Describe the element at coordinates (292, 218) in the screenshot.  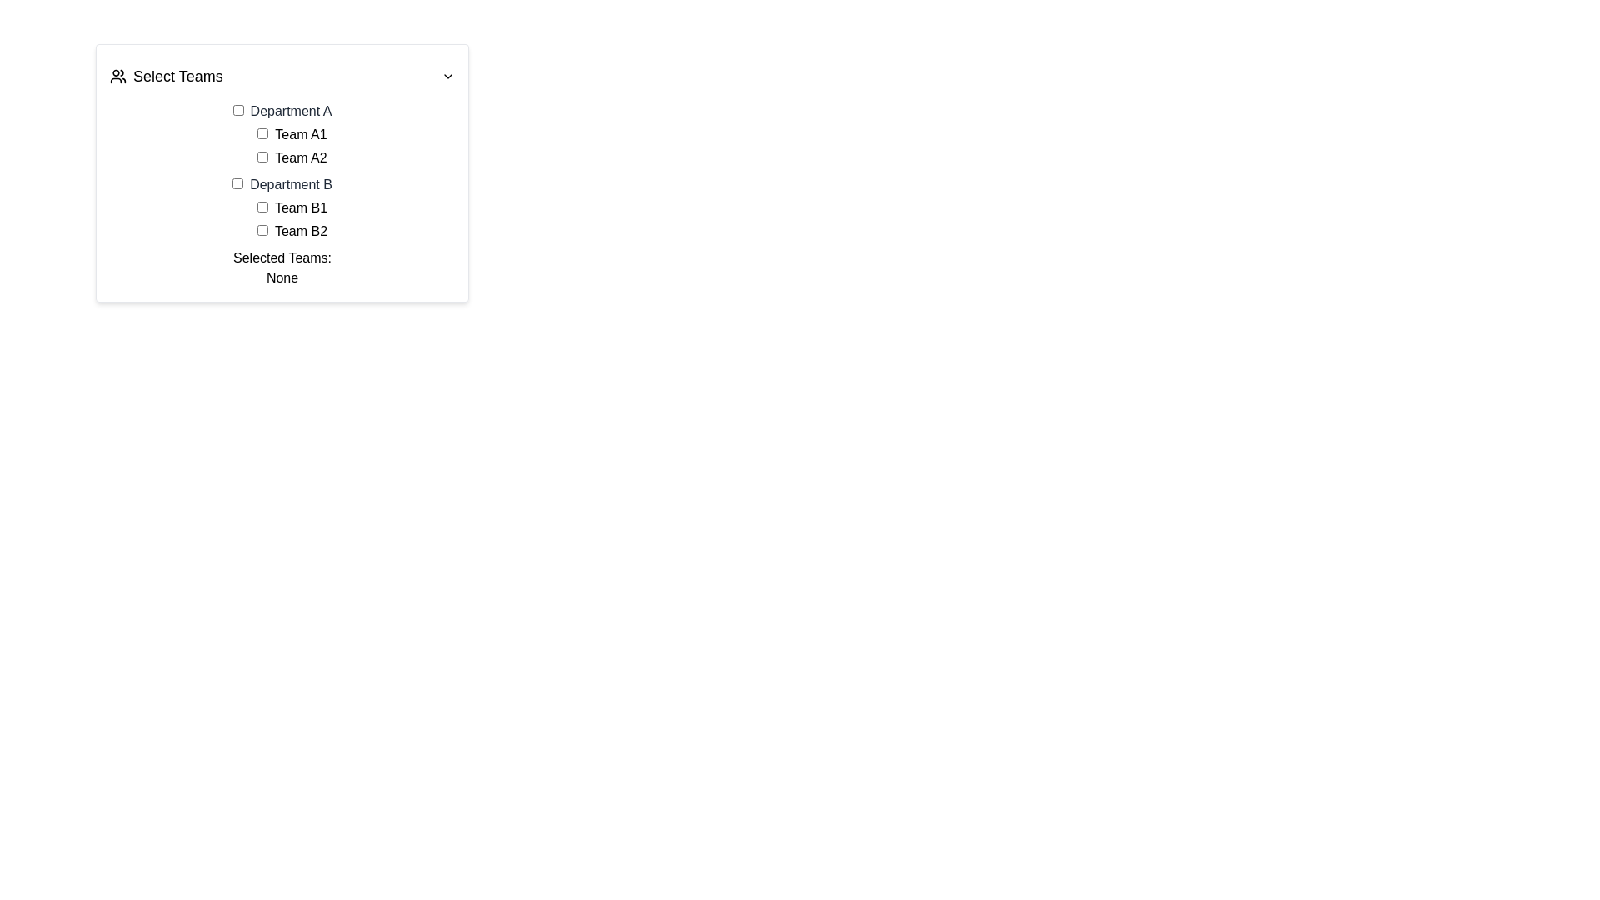
I see `the checkbox for Team B1 in the 'Department B' section` at that location.